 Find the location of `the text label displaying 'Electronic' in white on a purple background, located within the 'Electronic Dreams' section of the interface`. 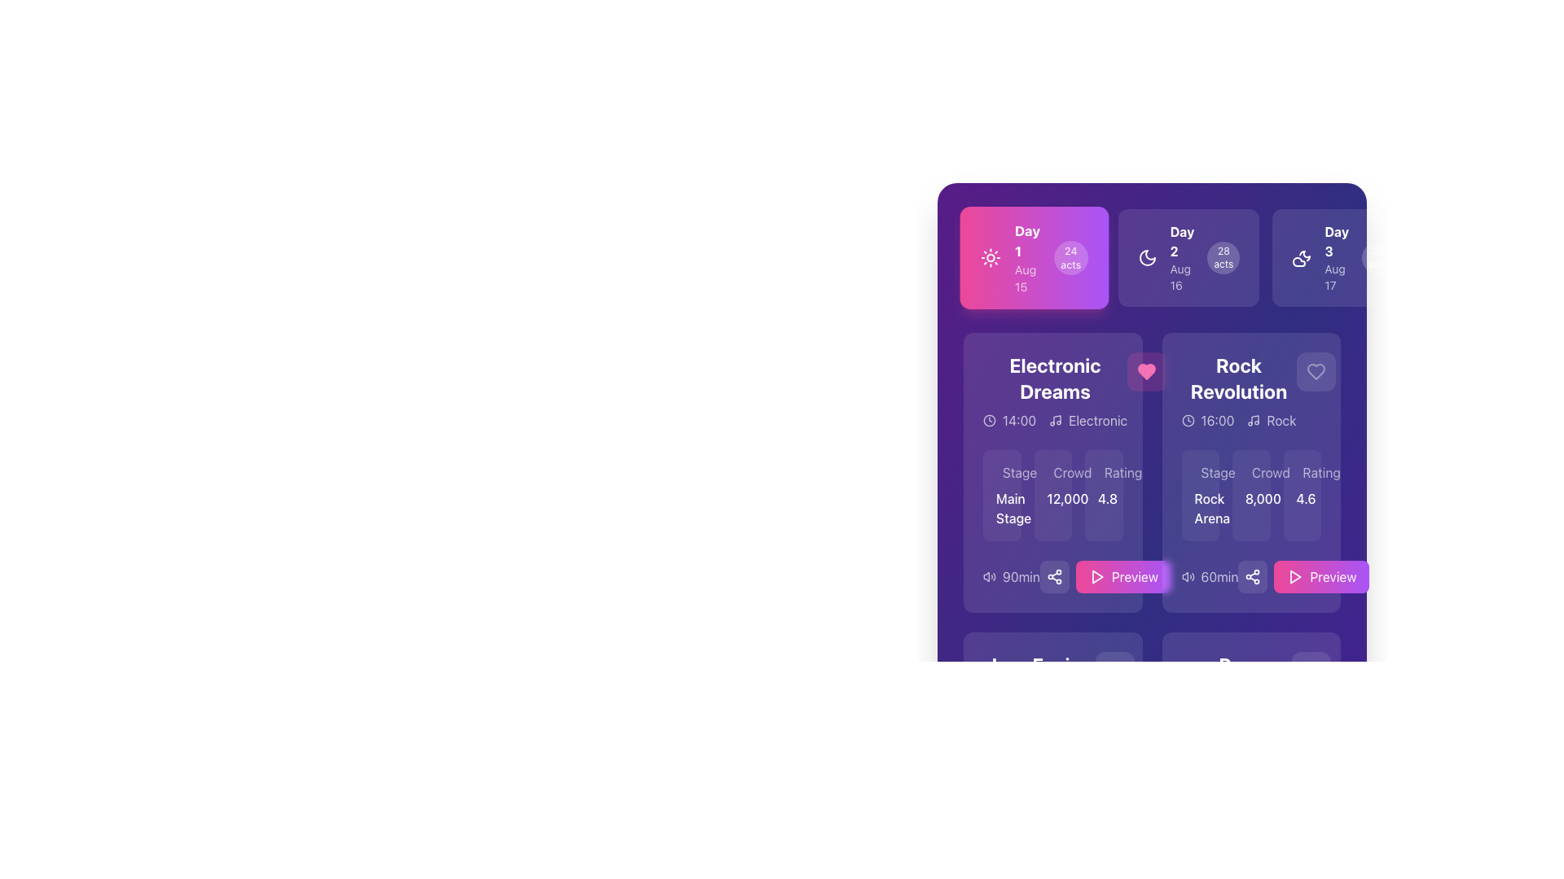

the text label displaying 'Electronic' in white on a purple background, located within the 'Electronic Dreams' section of the interface is located at coordinates (1098, 419).